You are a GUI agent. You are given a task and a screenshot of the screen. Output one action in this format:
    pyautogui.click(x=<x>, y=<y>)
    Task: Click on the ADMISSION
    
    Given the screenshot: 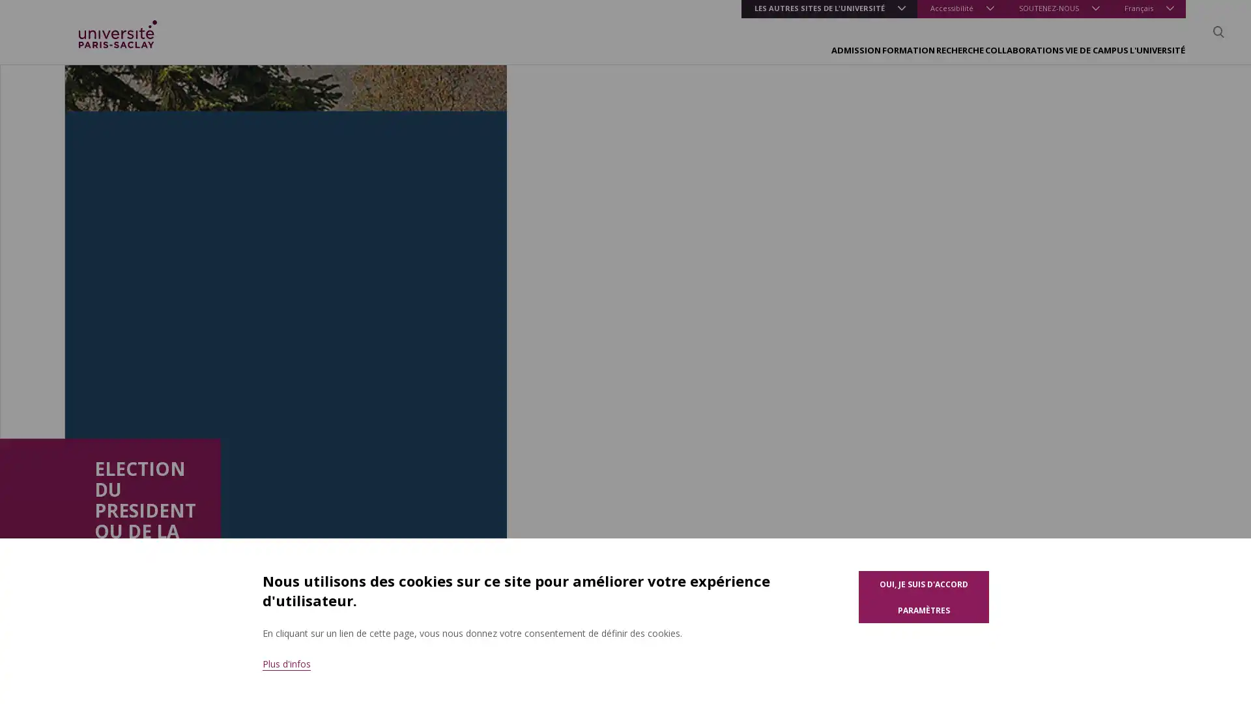 What is the action you would take?
    pyautogui.click(x=652, y=44)
    